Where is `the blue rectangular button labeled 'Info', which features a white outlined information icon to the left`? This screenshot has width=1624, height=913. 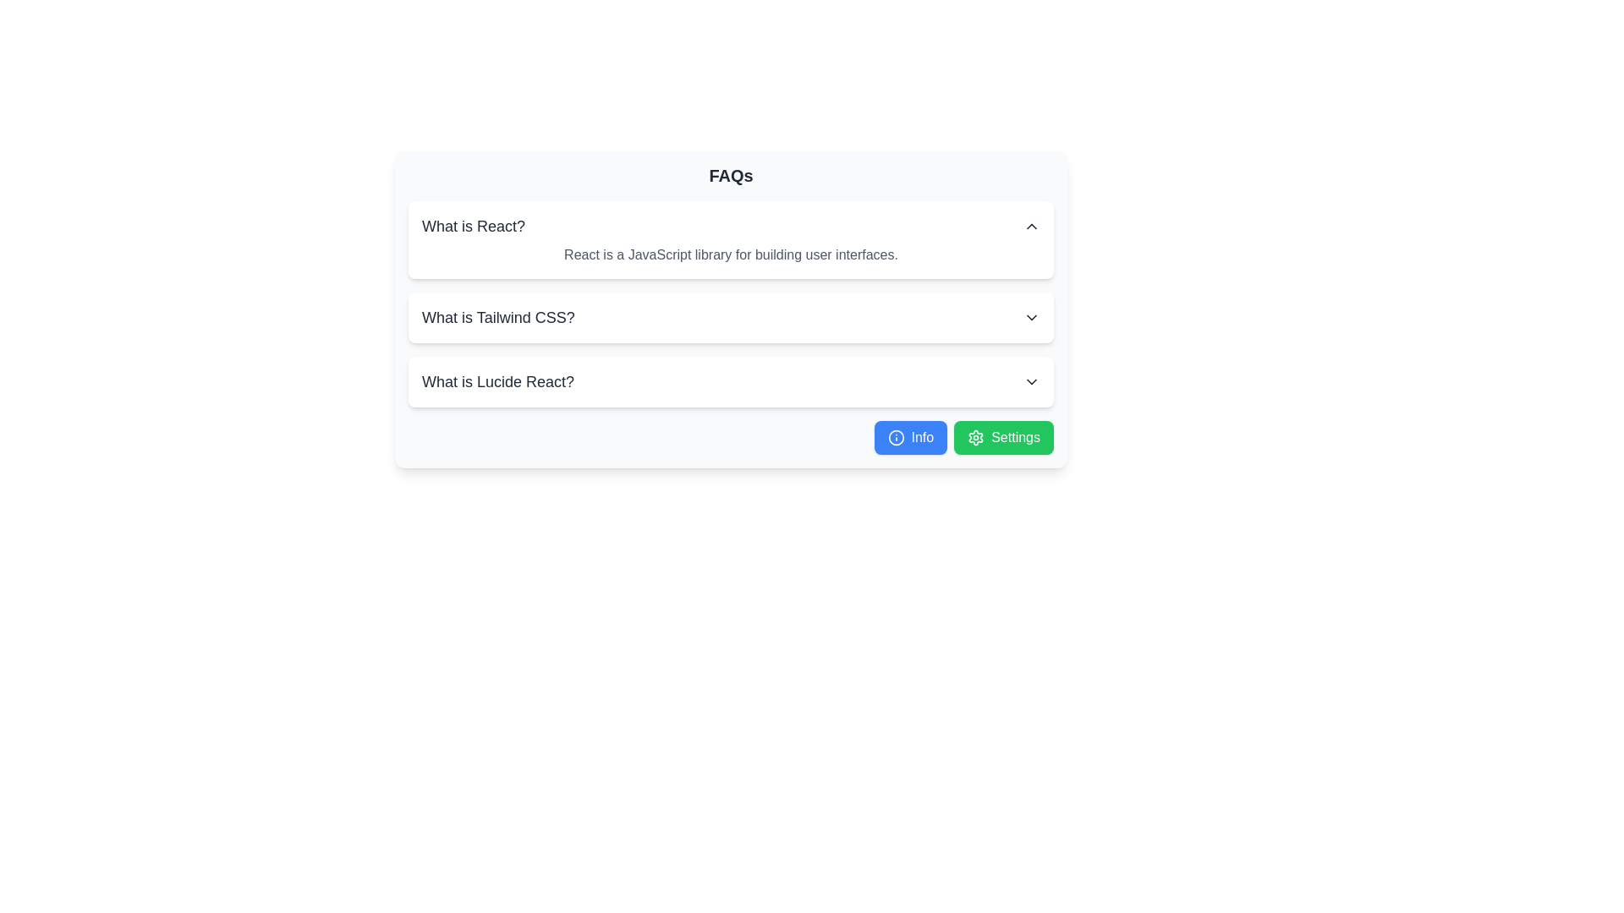
the blue rectangular button labeled 'Info', which features a white outlined information icon to the left is located at coordinates (909, 436).